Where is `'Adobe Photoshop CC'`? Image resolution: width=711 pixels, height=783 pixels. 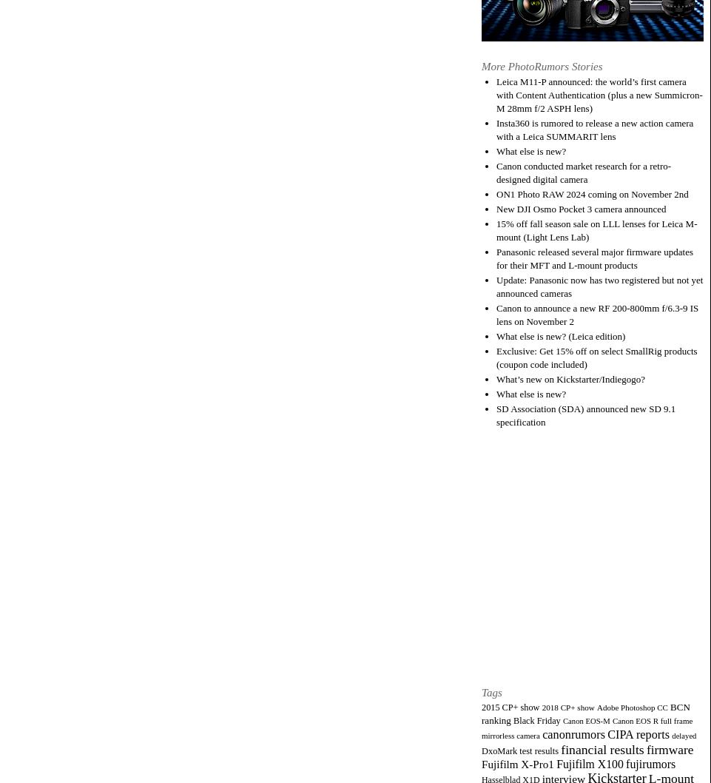
'Adobe Photoshop CC' is located at coordinates (632, 706).